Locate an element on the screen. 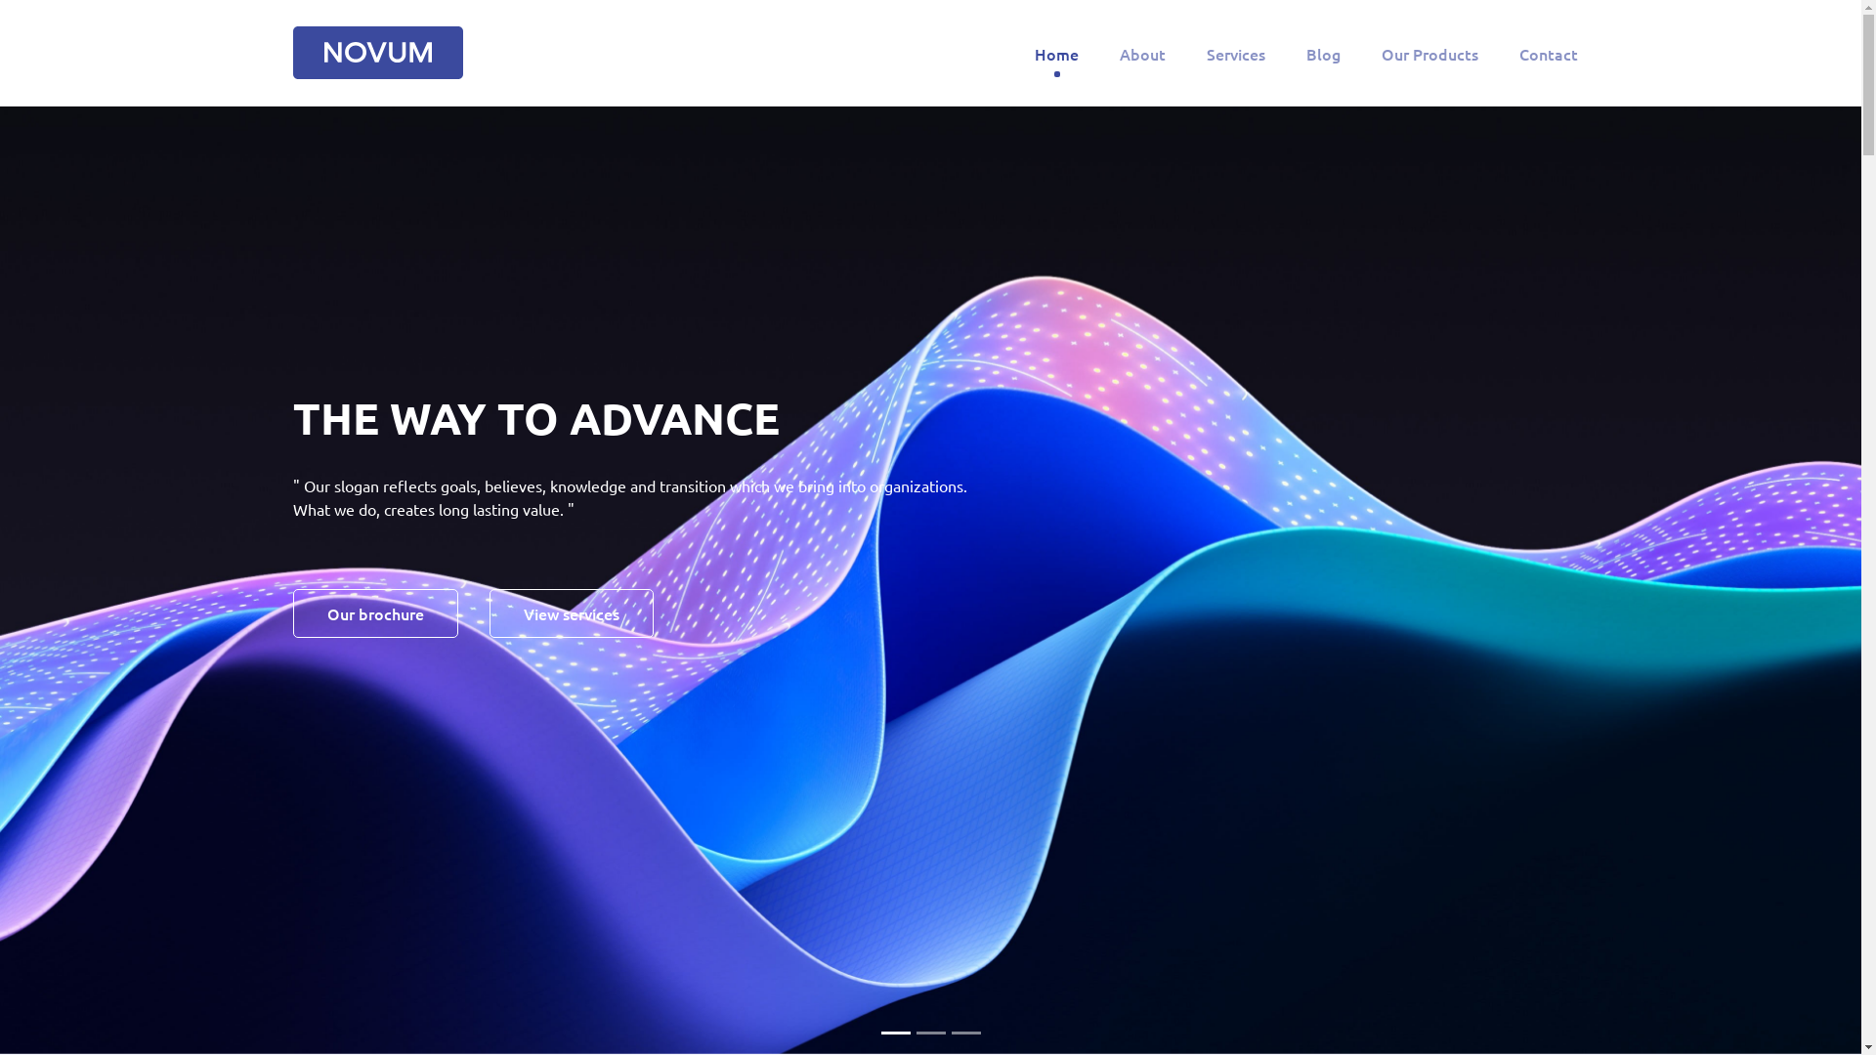 This screenshot has height=1055, width=1876. 'Services' is located at coordinates (1235, 52).